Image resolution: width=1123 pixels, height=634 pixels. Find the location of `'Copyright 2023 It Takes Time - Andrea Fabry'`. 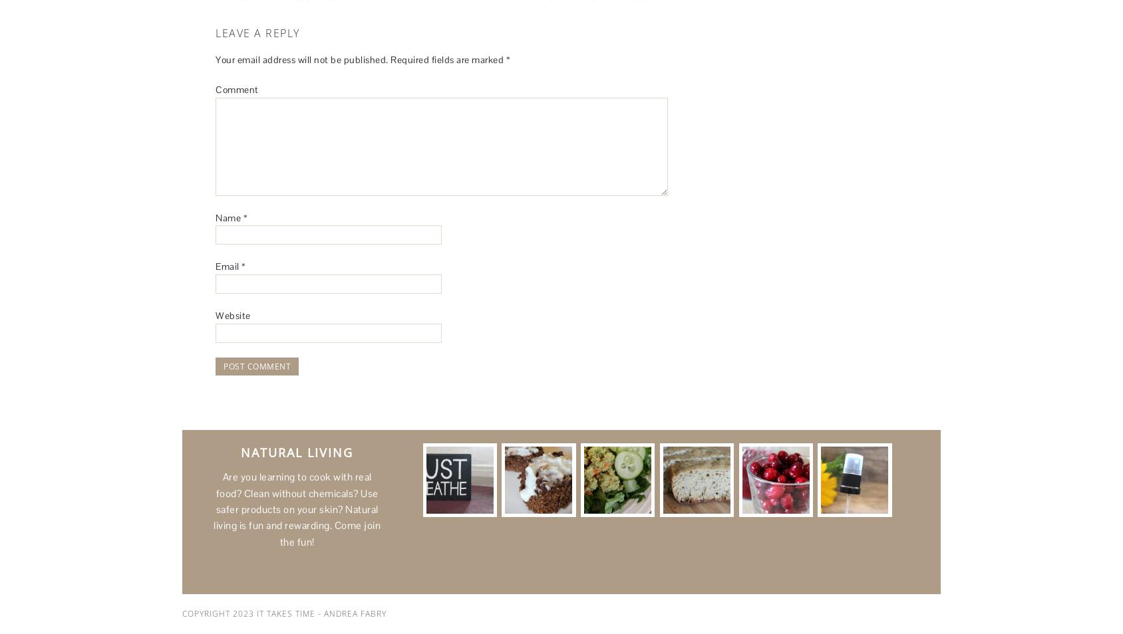

'Copyright 2023 It Takes Time - Andrea Fabry' is located at coordinates (283, 613).